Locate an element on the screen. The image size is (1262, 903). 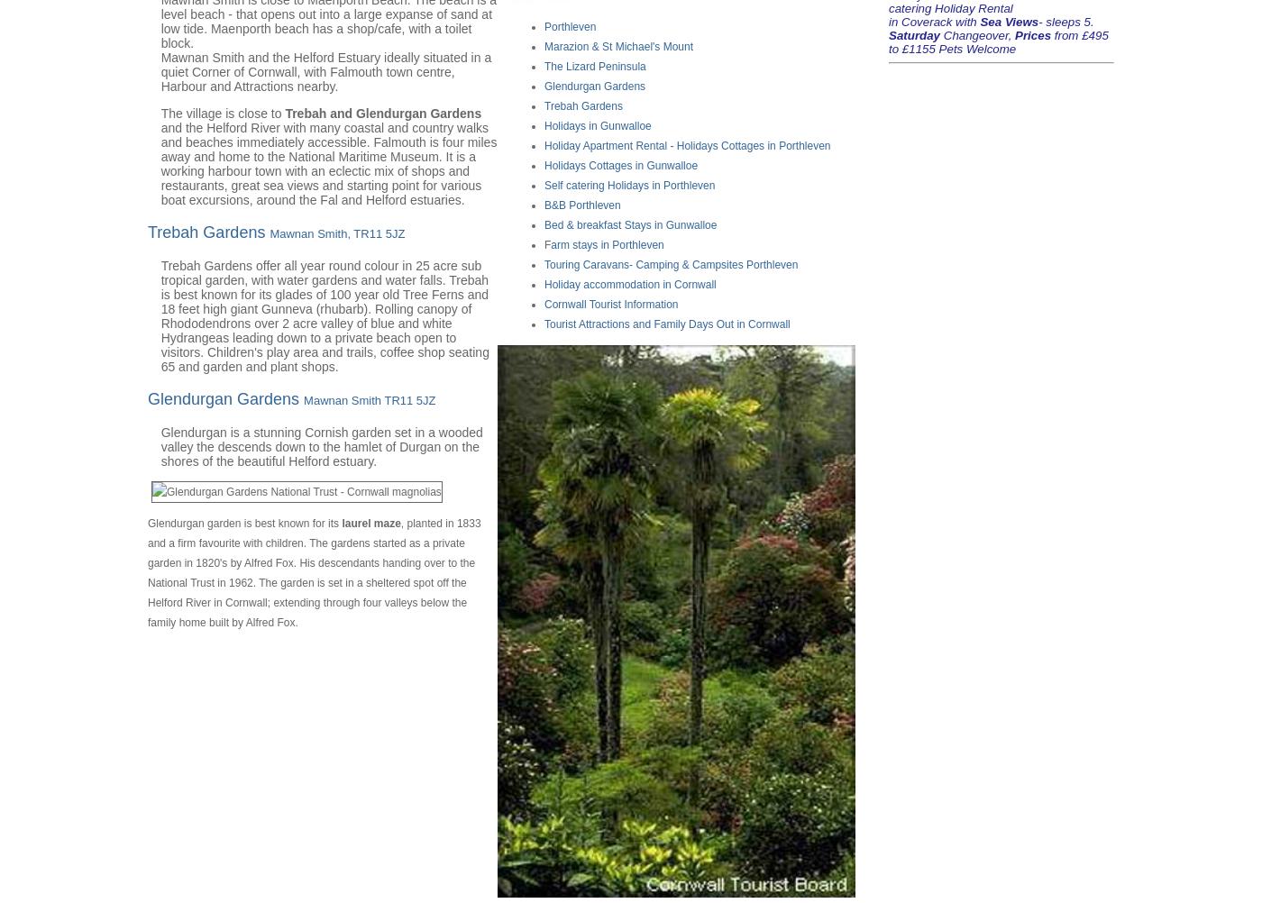
'Glendurgan garden is best known for its' is located at coordinates (244, 522).